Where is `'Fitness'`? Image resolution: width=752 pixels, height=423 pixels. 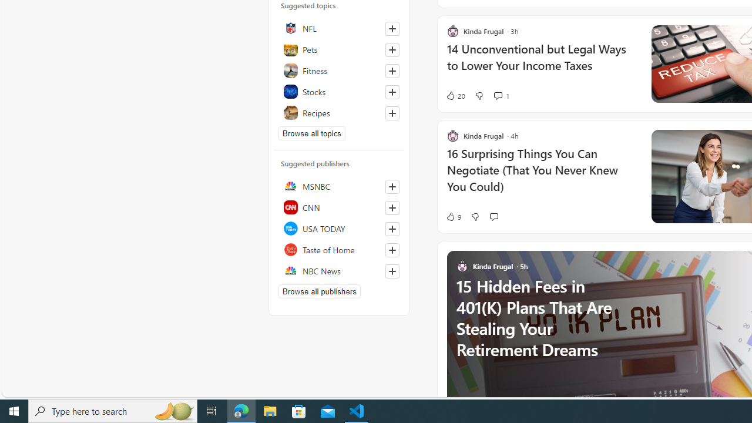 'Fitness' is located at coordinates (338, 70).